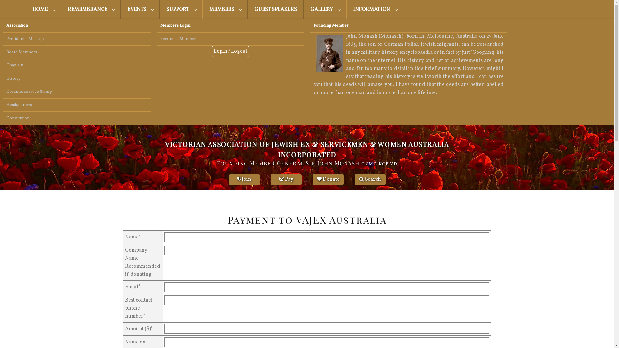 Image resolution: width=619 pixels, height=348 pixels. Describe the element at coordinates (286, 179) in the screenshot. I see `'Pay'` at that location.